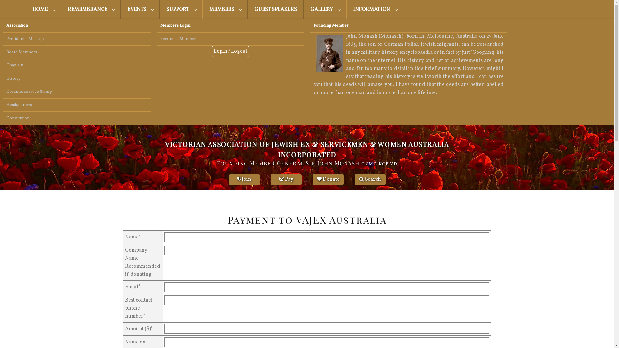 Image resolution: width=619 pixels, height=348 pixels. Describe the element at coordinates (286, 179) in the screenshot. I see `'Pay'` at that location.